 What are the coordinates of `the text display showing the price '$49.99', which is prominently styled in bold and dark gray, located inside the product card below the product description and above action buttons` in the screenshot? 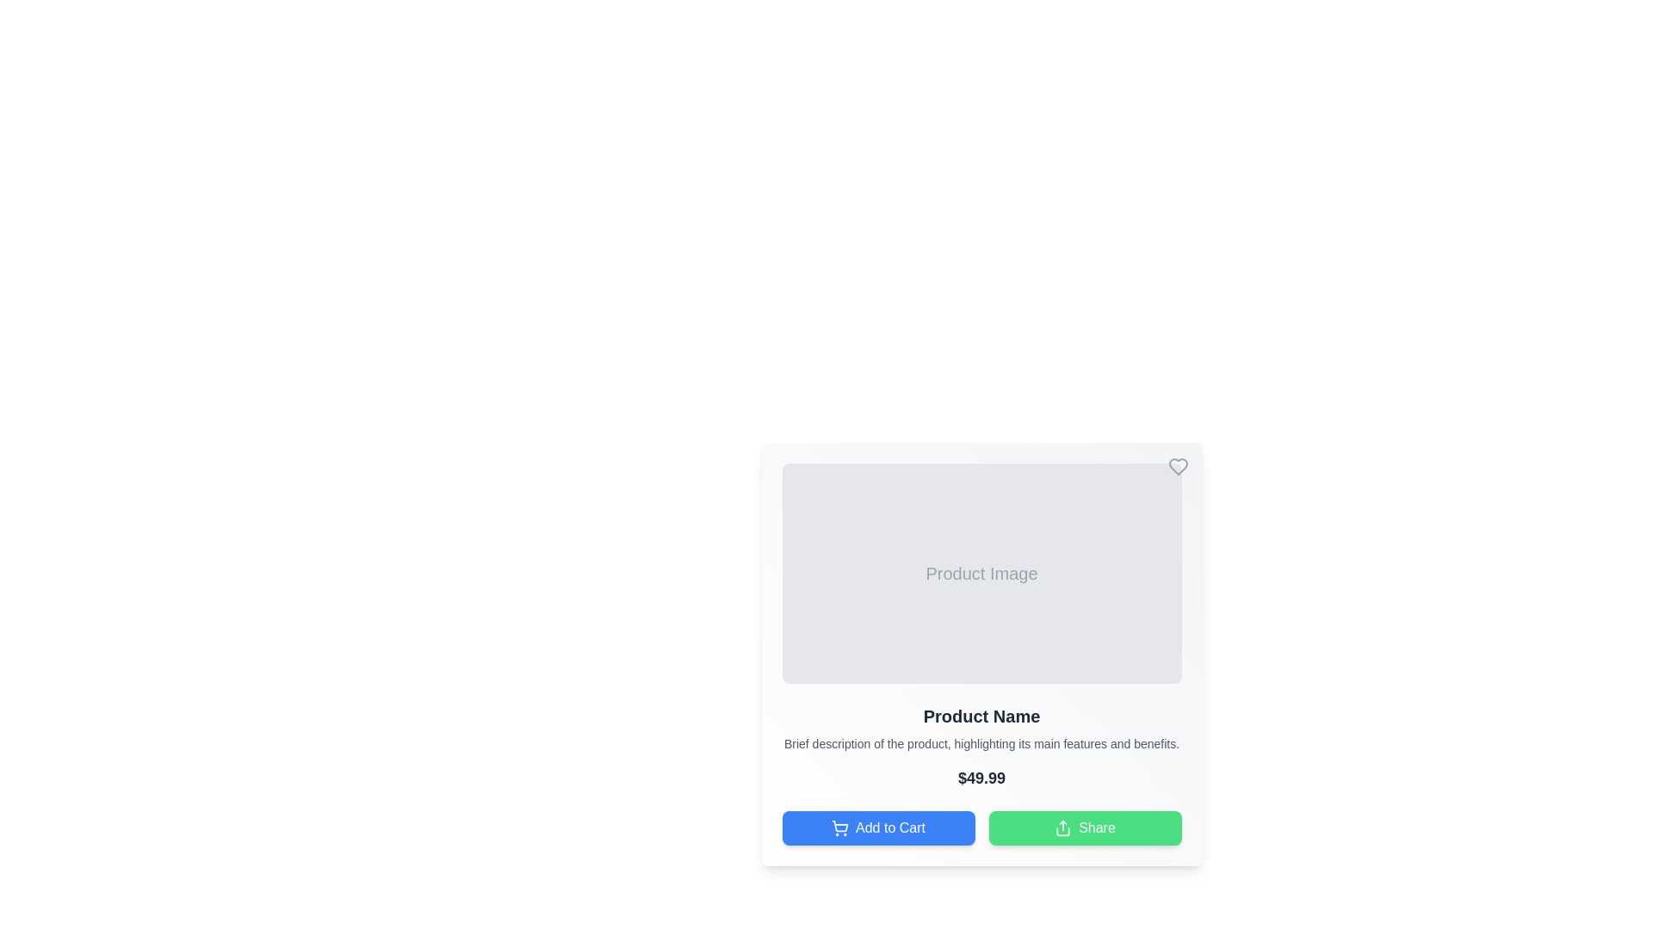 It's located at (981, 778).